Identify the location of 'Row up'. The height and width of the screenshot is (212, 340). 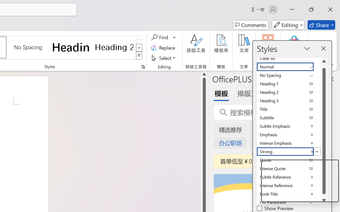
(139, 40).